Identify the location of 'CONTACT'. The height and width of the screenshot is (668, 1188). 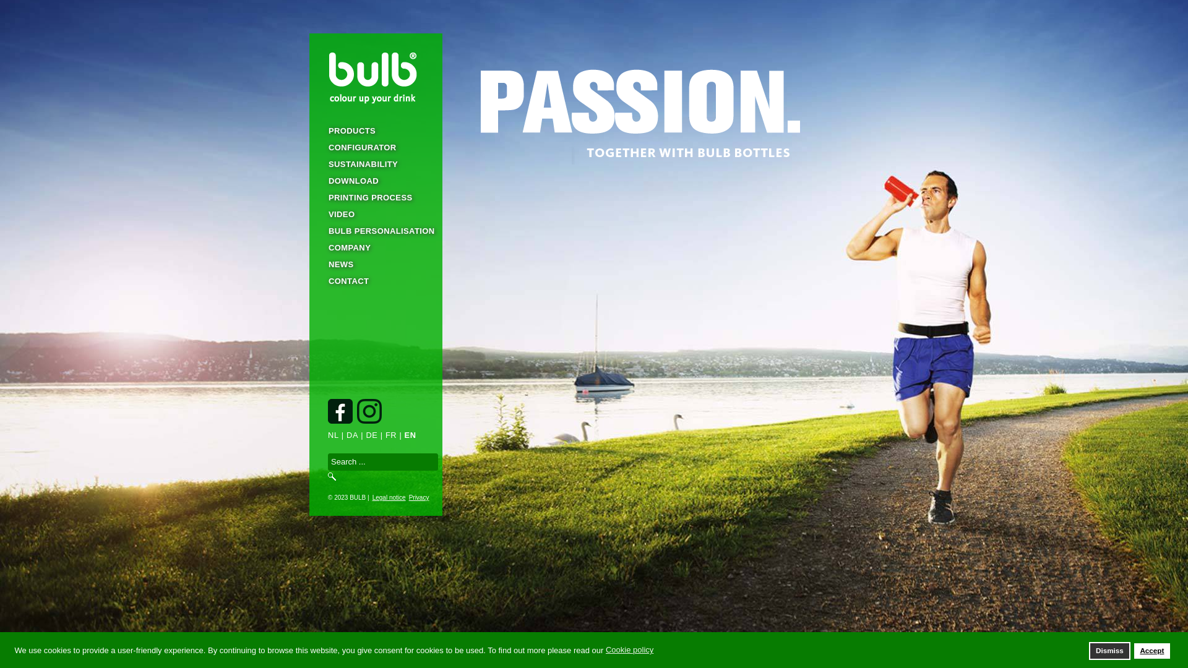
(375, 281).